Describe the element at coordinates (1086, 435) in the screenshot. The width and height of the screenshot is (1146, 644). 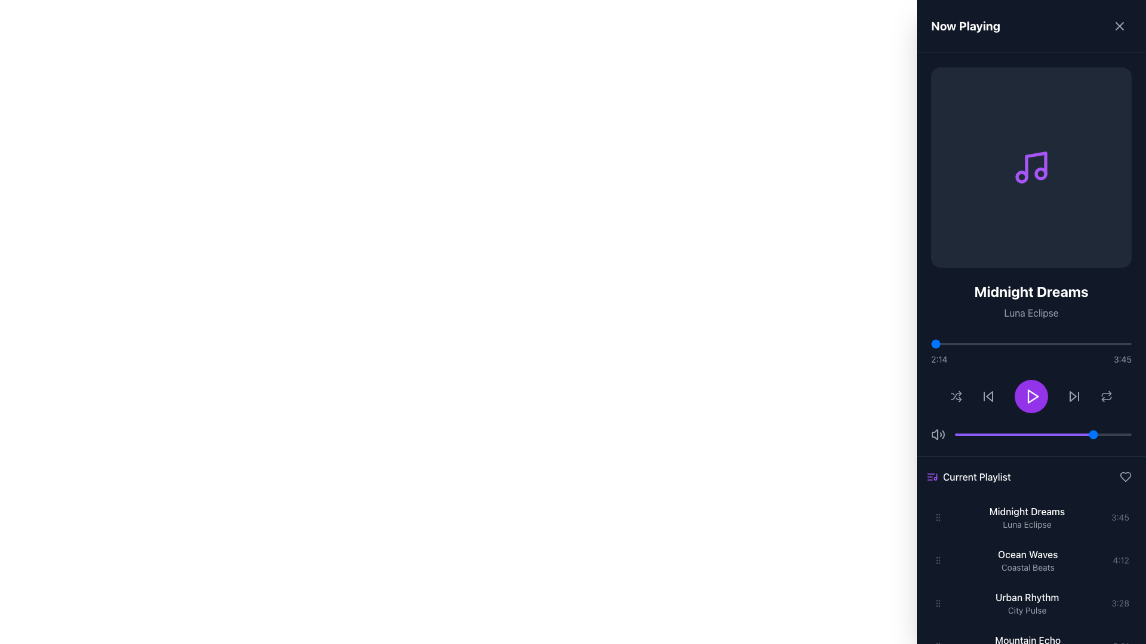
I see `the slider value` at that location.